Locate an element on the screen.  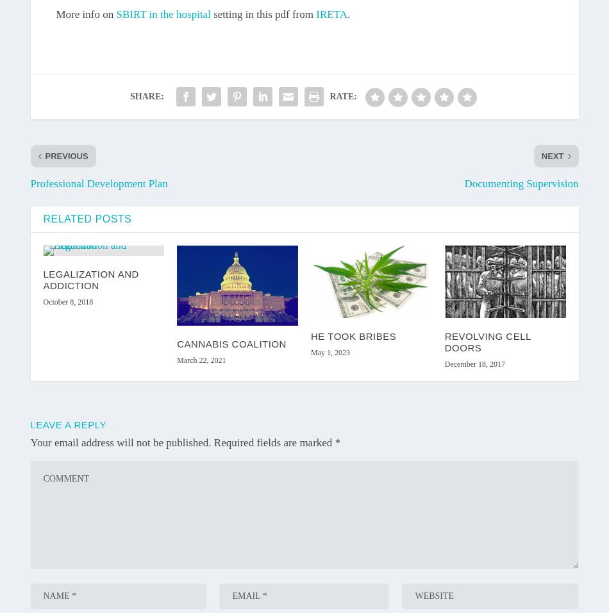
'December 18, 2017' is located at coordinates (474, 363).